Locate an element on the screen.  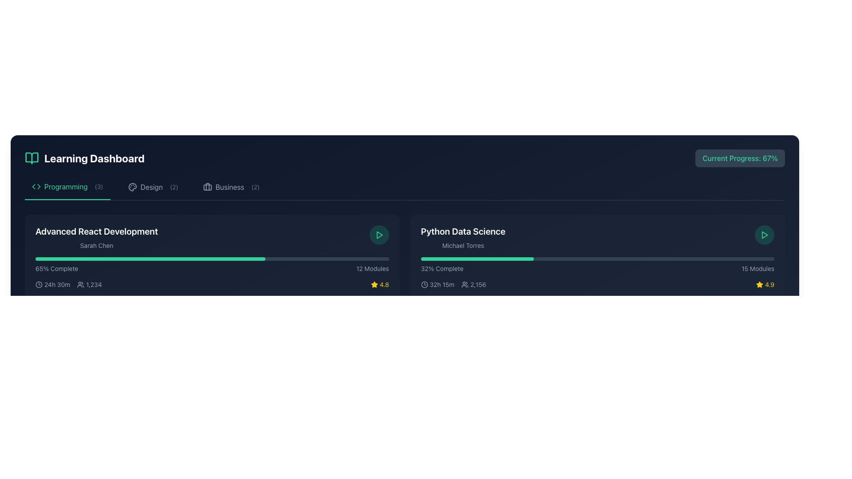
the play button located at the right end of the 'Python Data Science' course section is located at coordinates (764, 234).